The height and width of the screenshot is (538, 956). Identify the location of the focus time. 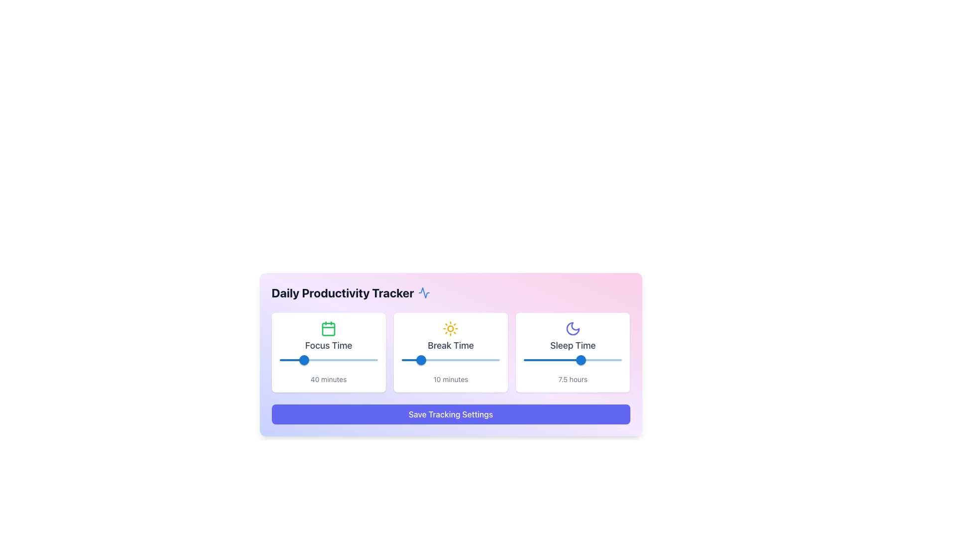
(357, 360).